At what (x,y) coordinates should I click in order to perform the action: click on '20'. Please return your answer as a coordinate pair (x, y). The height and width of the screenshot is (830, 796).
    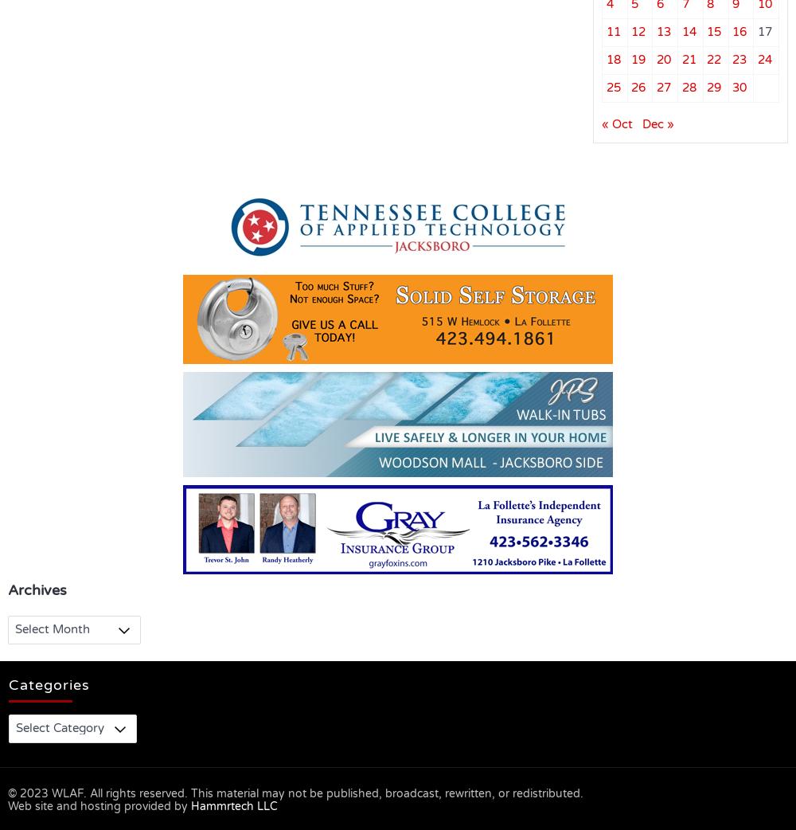
    Looking at the image, I should click on (662, 59).